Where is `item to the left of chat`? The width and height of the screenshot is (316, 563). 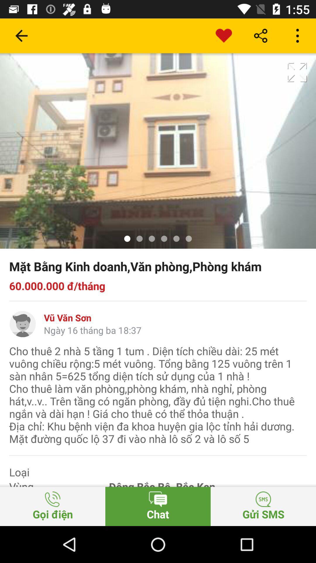 item to the left of chat is located at coordinates (53, 506).